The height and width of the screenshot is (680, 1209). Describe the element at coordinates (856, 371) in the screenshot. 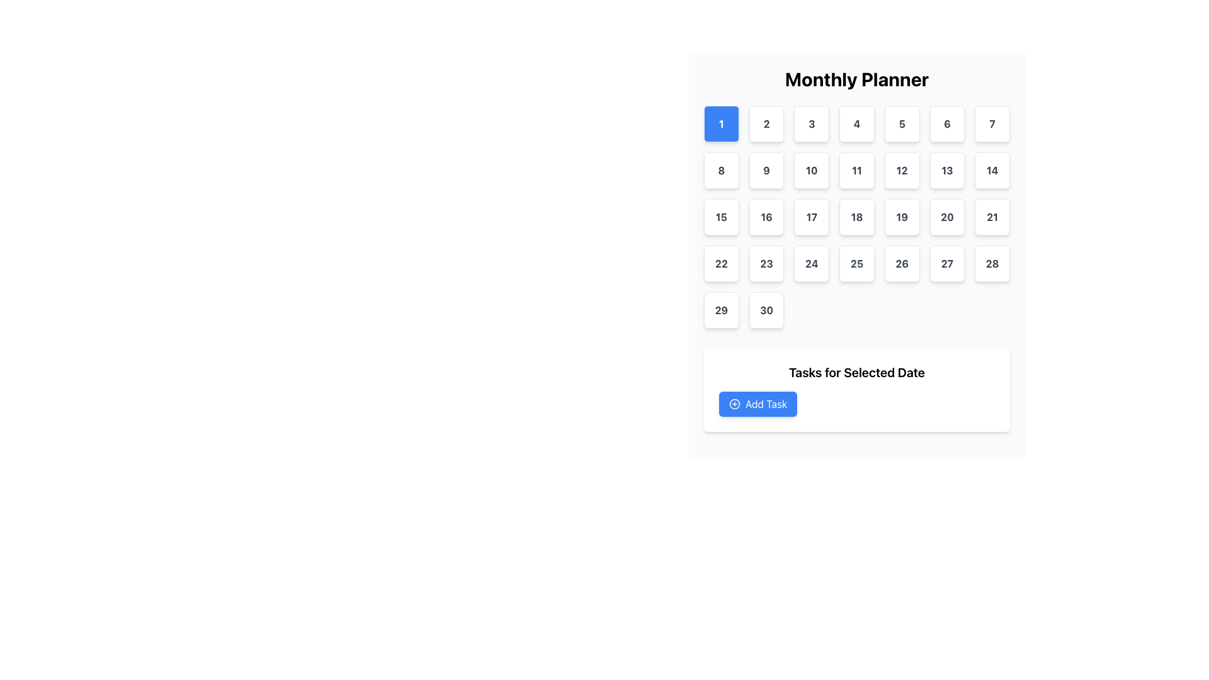

I see `the static text element that serves as the title or heading for the tasks section, positioned centrally above the 'Add Task' button` at that location.